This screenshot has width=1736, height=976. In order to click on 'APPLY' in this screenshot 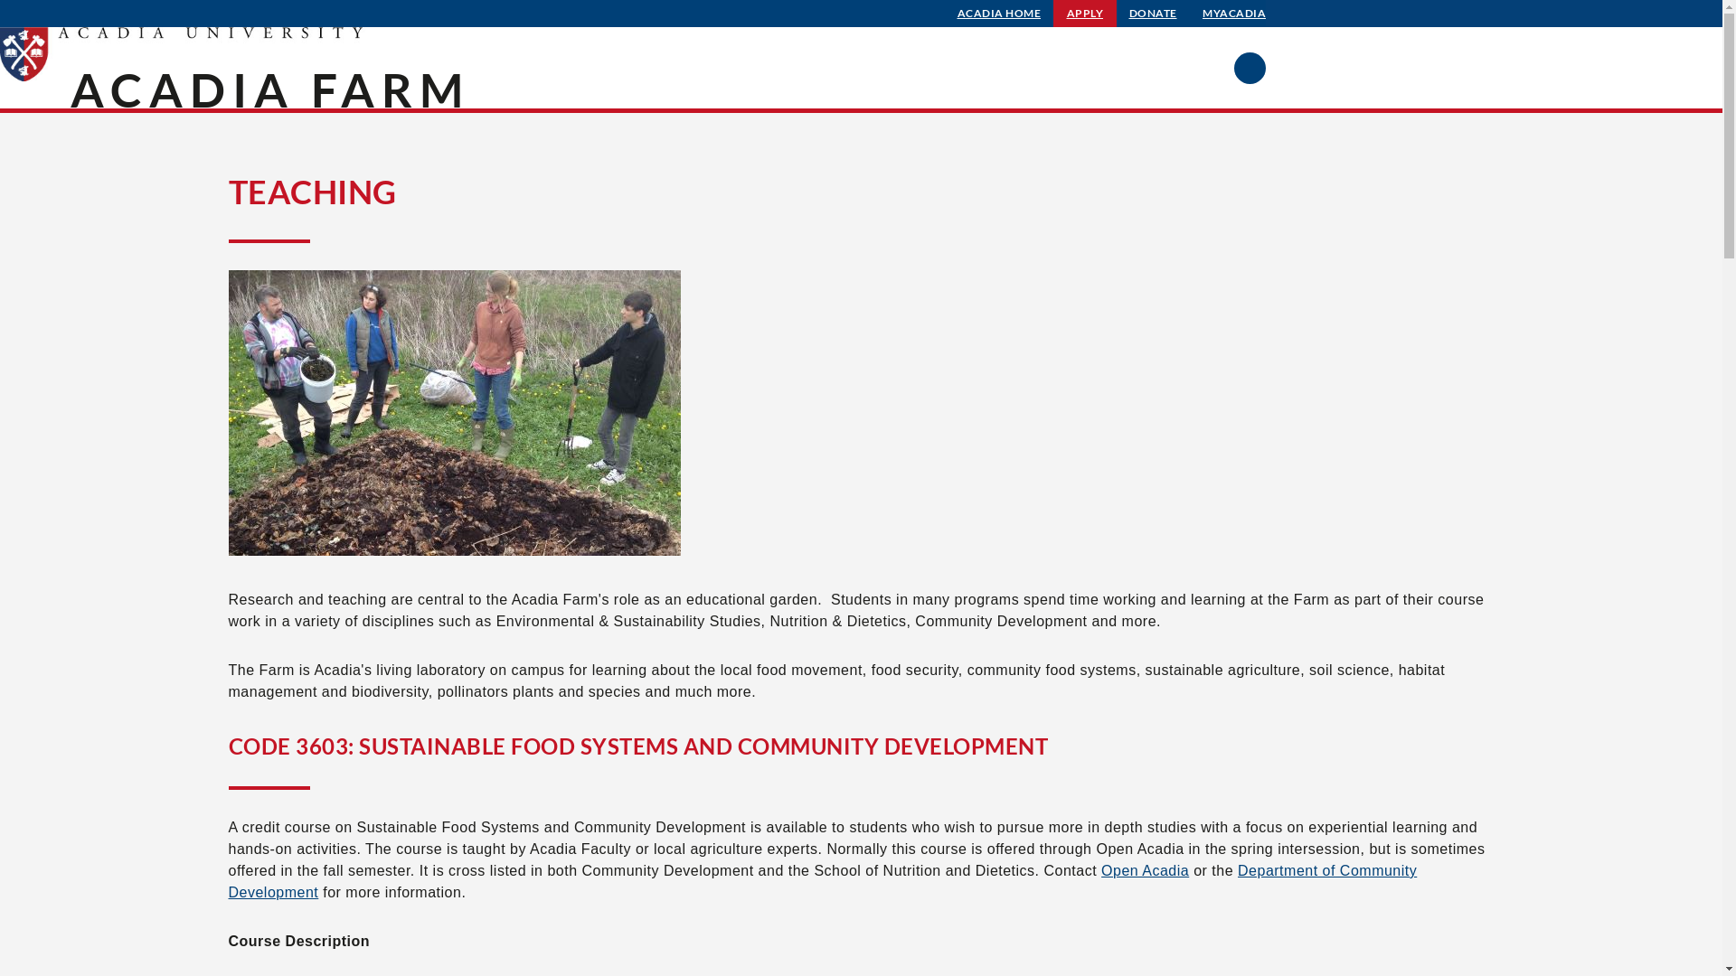, I will do `click(1084, 14)`.